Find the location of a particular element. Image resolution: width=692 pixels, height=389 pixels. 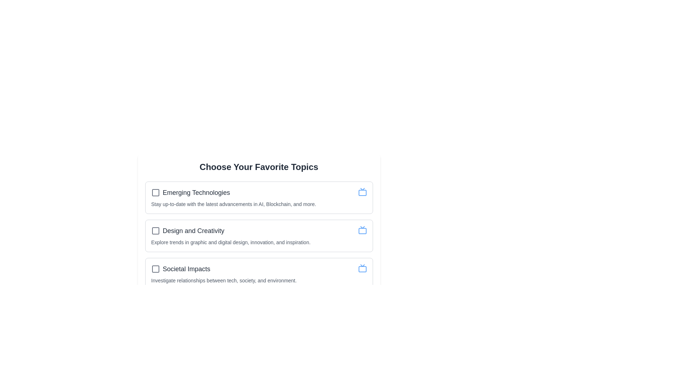

the text label displaying 'Emerging Technologies' is located at coordinates (196, 192).